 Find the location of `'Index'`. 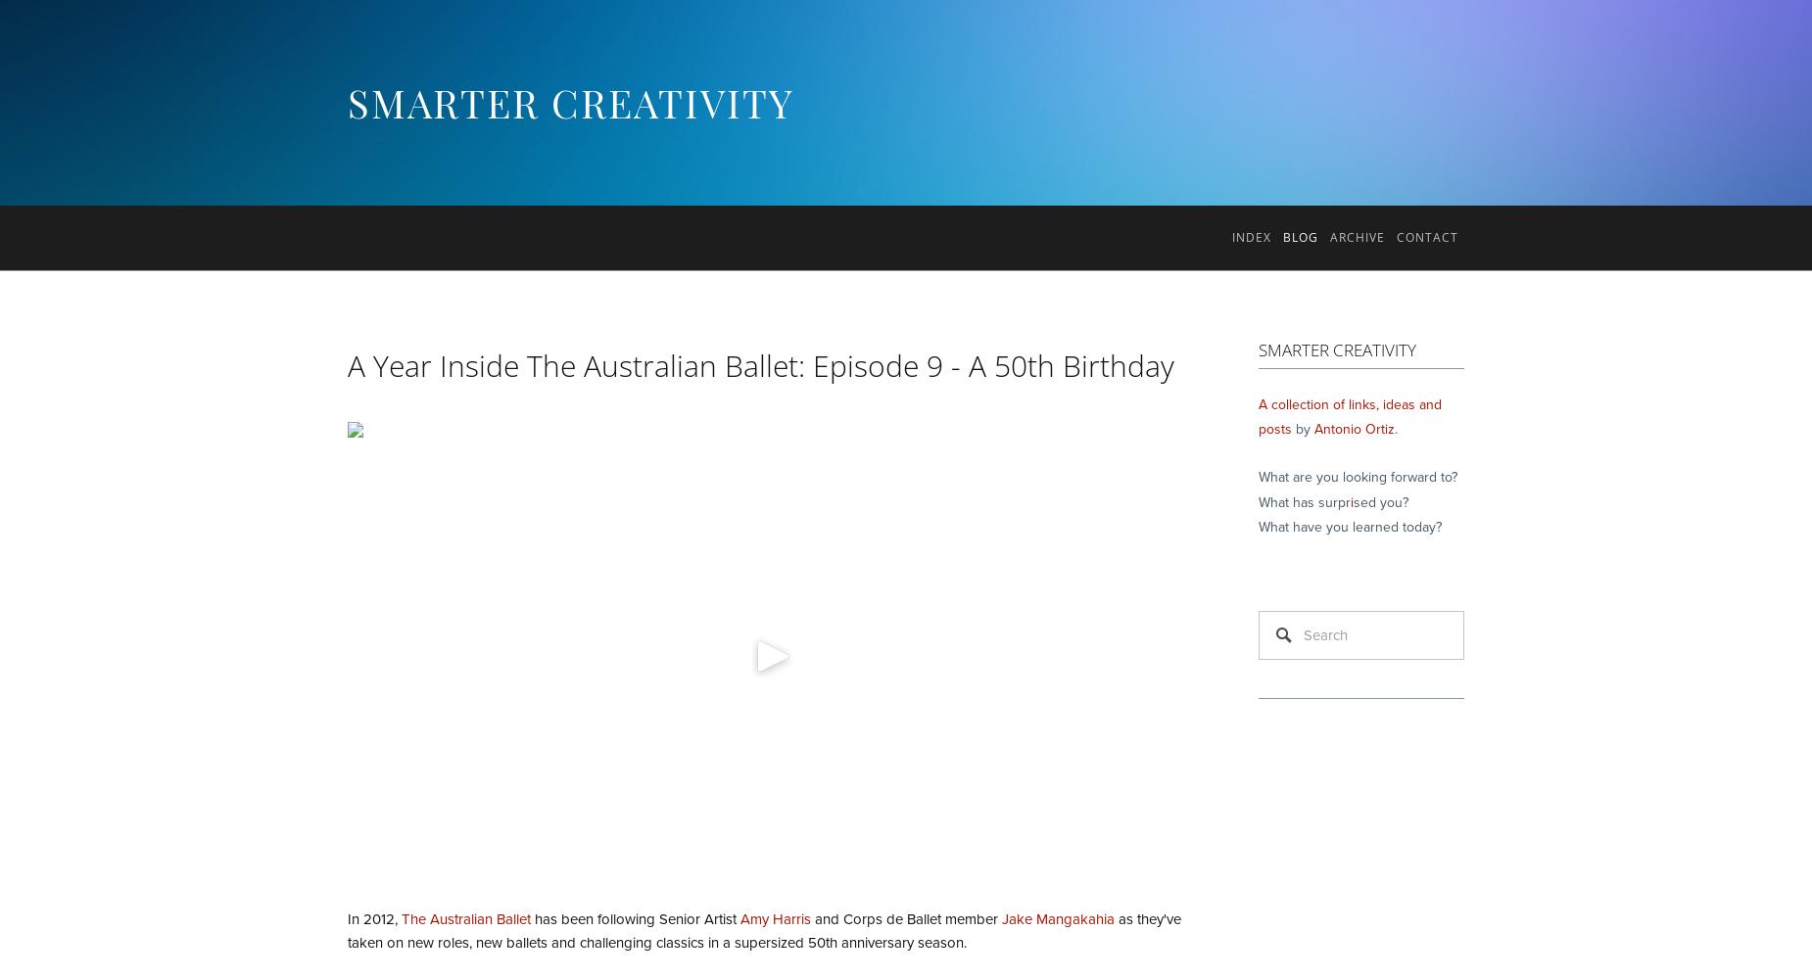

'Index' is located at coordinates (1250, 236).